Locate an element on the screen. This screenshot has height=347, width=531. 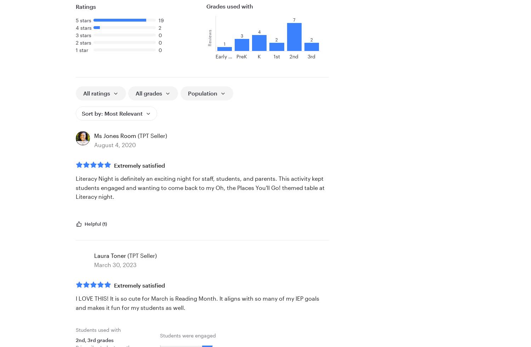
'Helpful (1)' is located at coordinates (96, 224).